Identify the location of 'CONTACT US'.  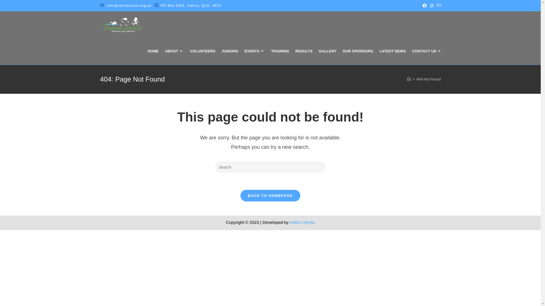
(409, 51).